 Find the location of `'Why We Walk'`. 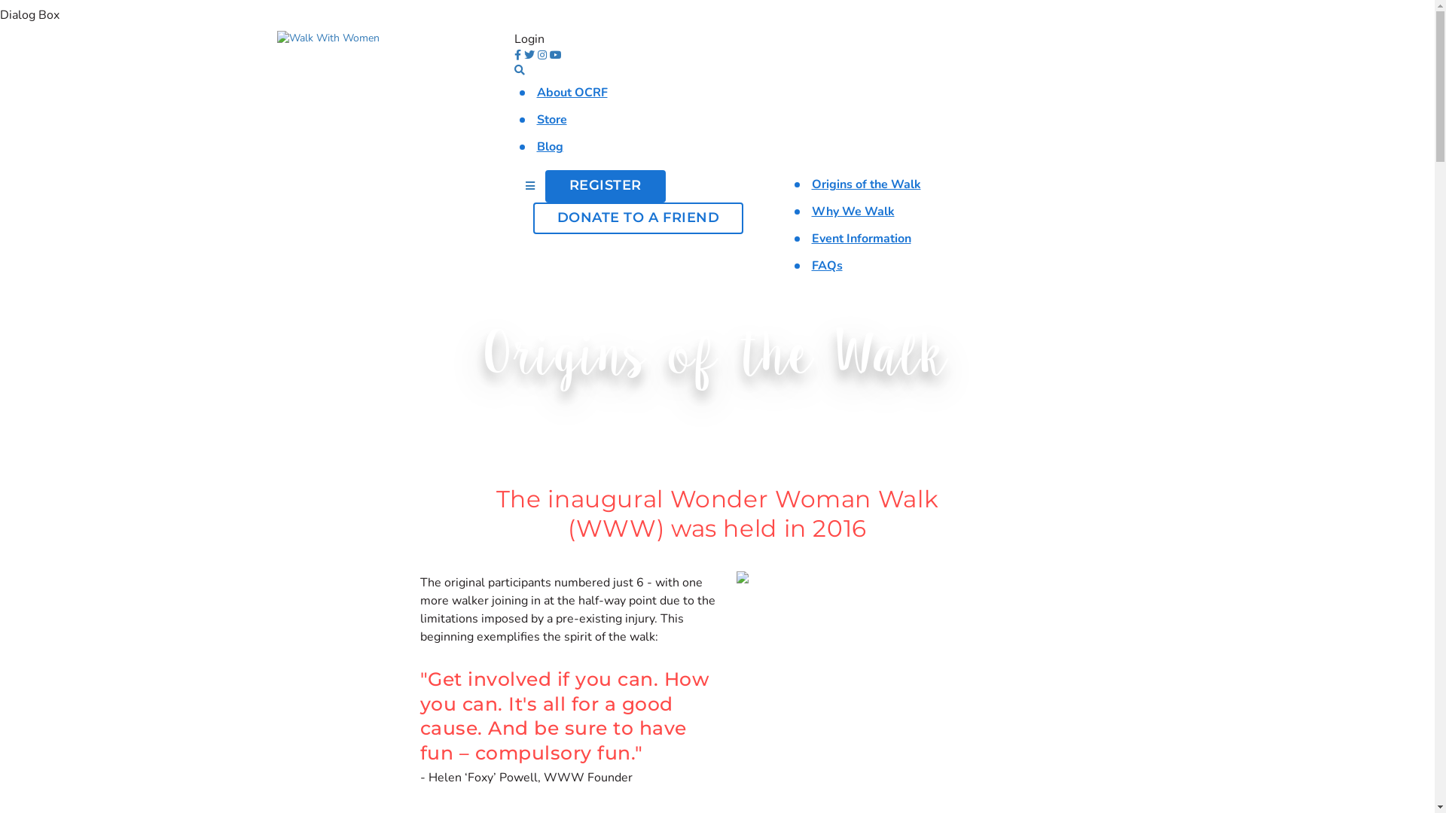

'Why We Walk' is located at coordinates (811, 212).